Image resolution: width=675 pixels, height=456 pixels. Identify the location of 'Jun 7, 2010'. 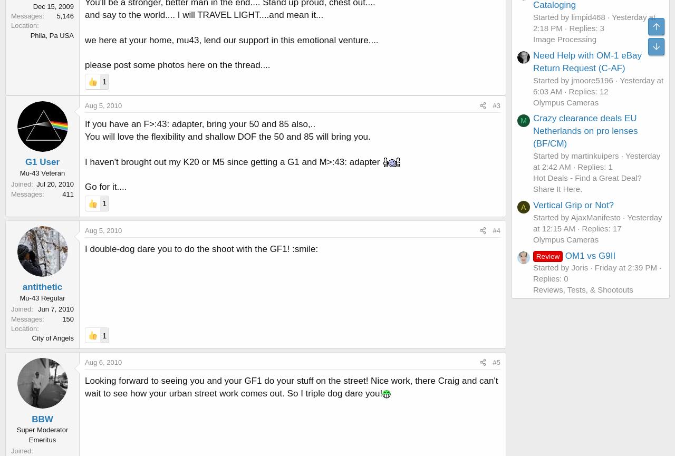
(38, 309).